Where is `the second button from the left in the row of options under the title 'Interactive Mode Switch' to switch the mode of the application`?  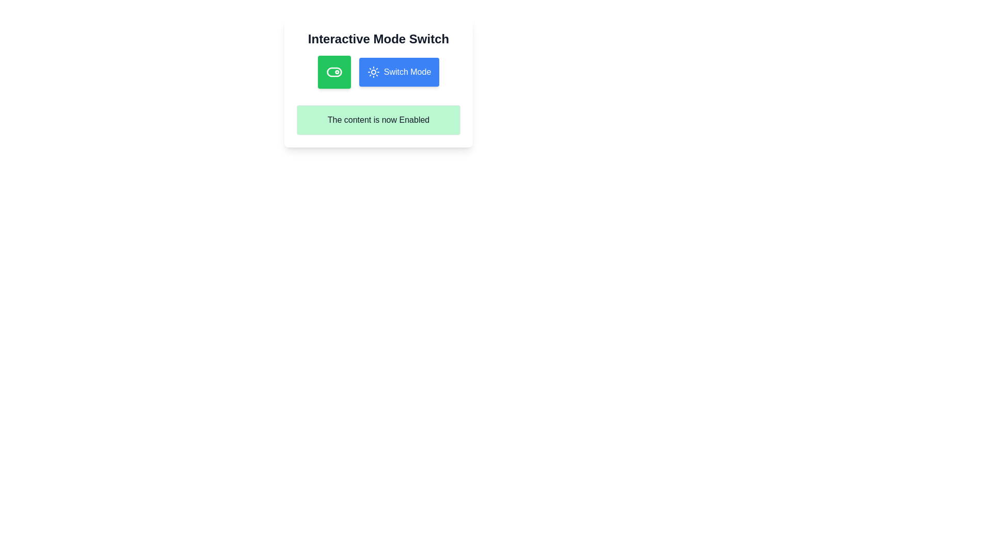
the second button from the left in the row of options under the title 'Interactive Mode Switch' to switch the mode of the application is located at coordinates (398, 71).